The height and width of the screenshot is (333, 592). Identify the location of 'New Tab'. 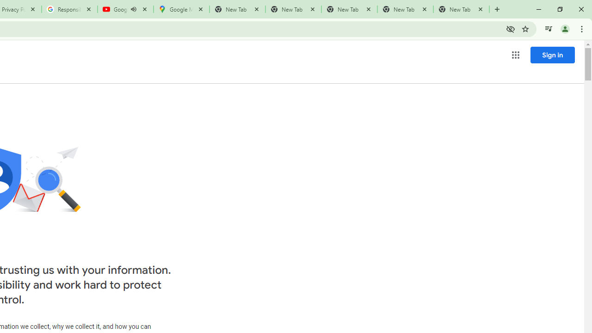
(461, 9).